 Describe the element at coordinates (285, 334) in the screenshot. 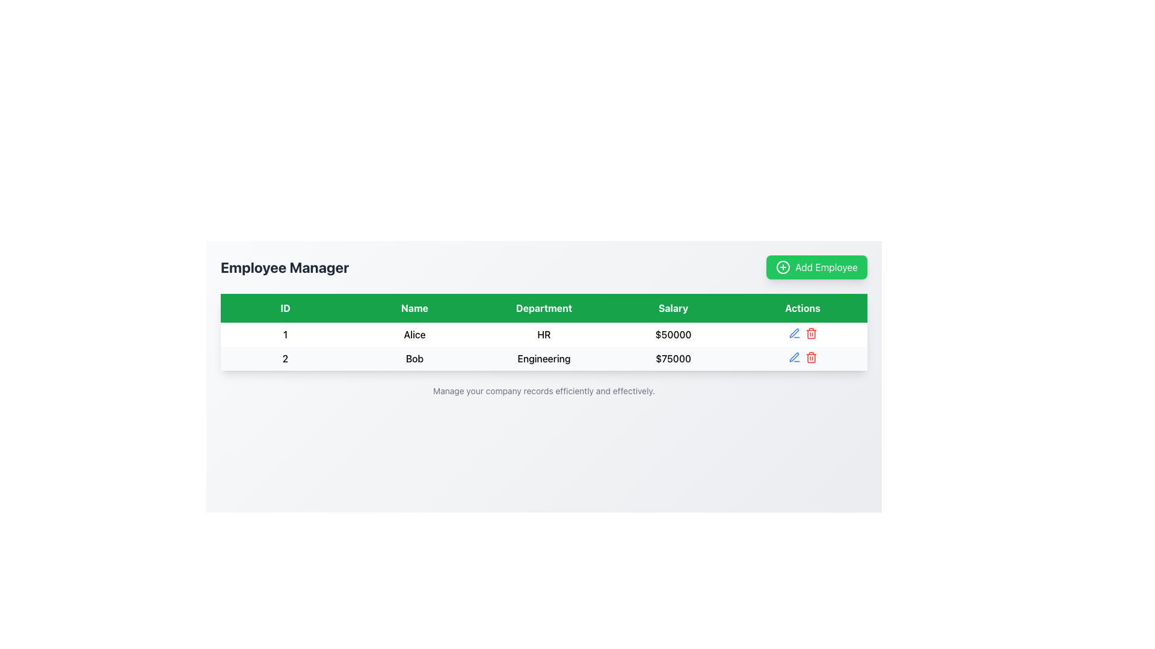

I see `the Text Cell containing '1', located in the first row under the 'ID' column heading of the table` at that location.